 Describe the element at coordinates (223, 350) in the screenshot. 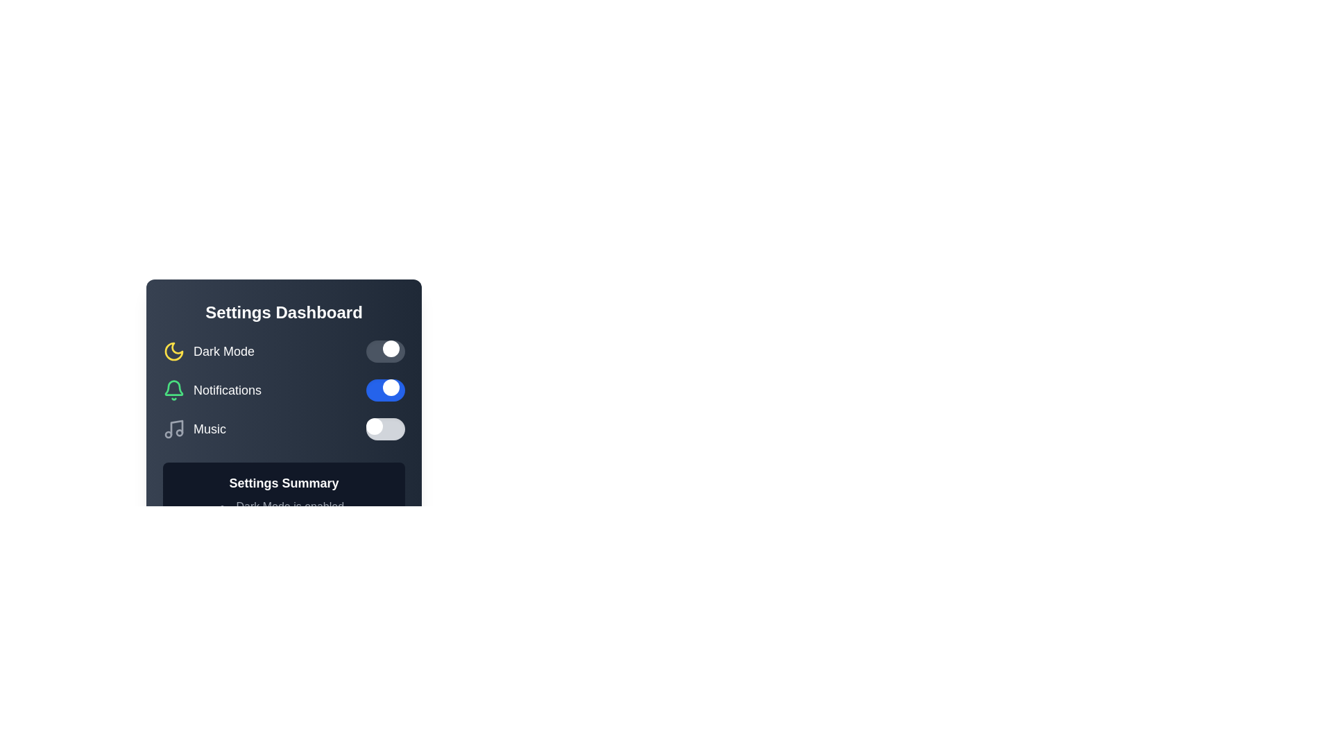

I see `the 'Dark Mode' text label, which is styled in a larger font and appears in white on a dark background, located next to a moon-shaped icon in the settings dashboard` at that location.